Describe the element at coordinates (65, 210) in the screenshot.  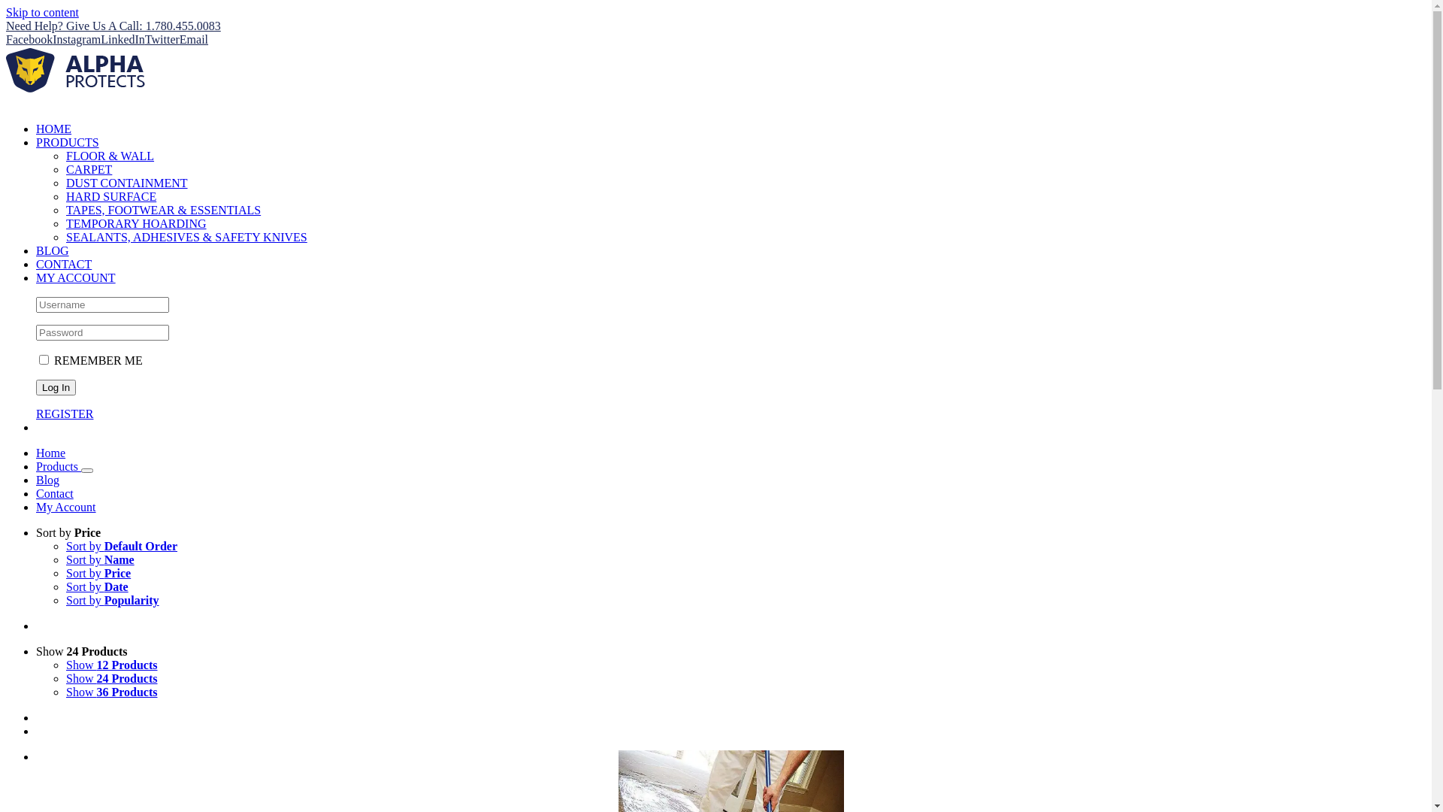
I see `'TAPES, FOOTWEAR & ESSENTIALS'` at that location.